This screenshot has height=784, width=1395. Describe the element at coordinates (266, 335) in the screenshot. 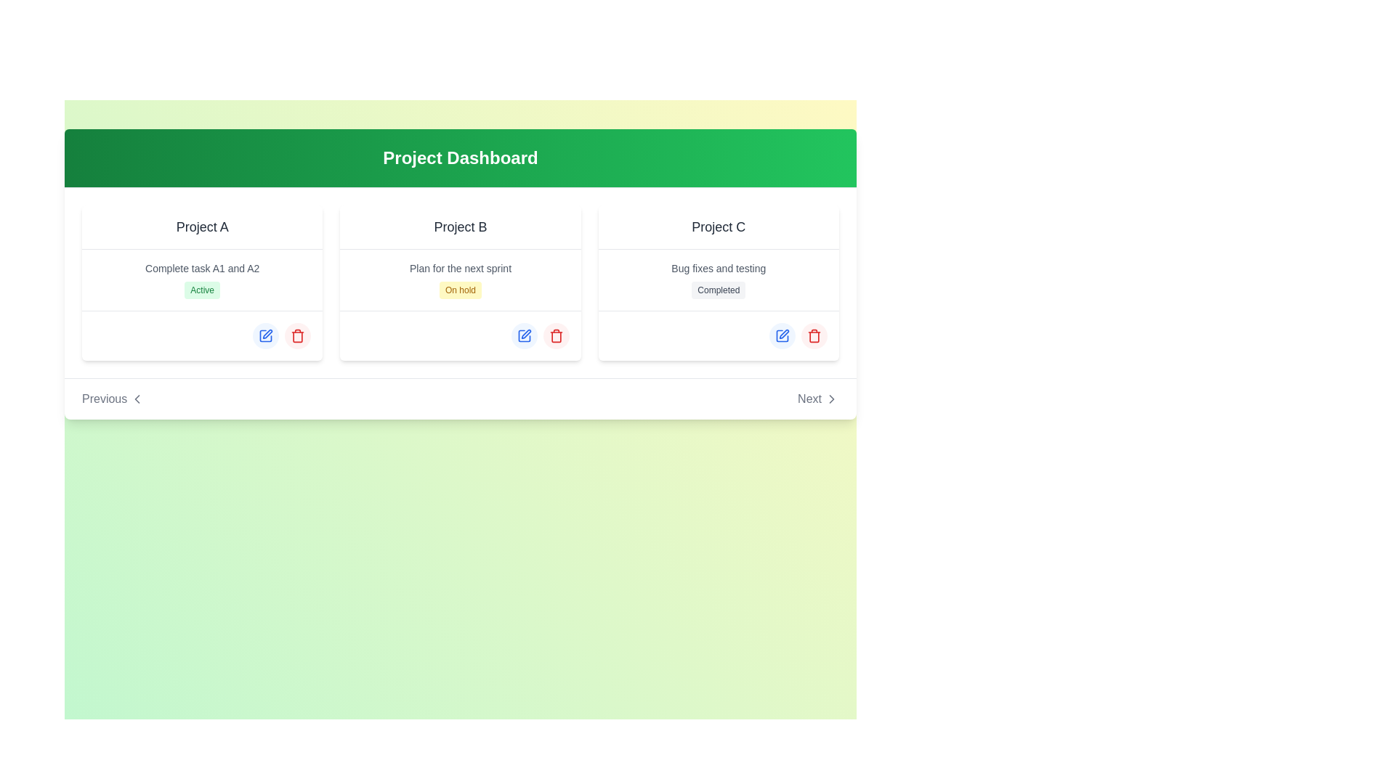

I see `the blue pencil icon button located in the first card labeled 'Project A'` at that location.